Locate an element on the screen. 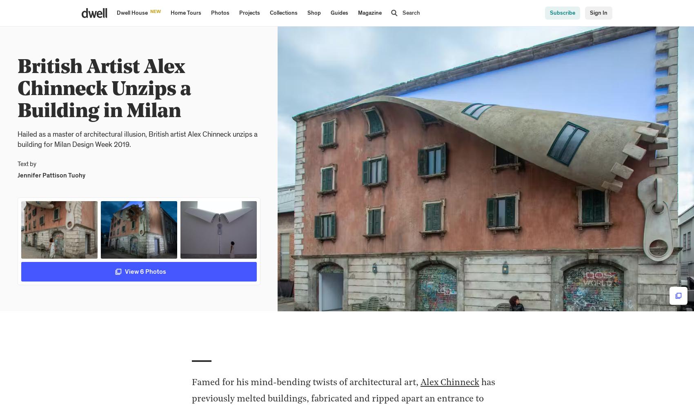 The height and width of the screenshot is (408, 694). 'Hailed as a master of architectural illusion, British artist Alex Chinneck unzips a building for Milan Design Week 2019.' is located at coordinates (136, 139).